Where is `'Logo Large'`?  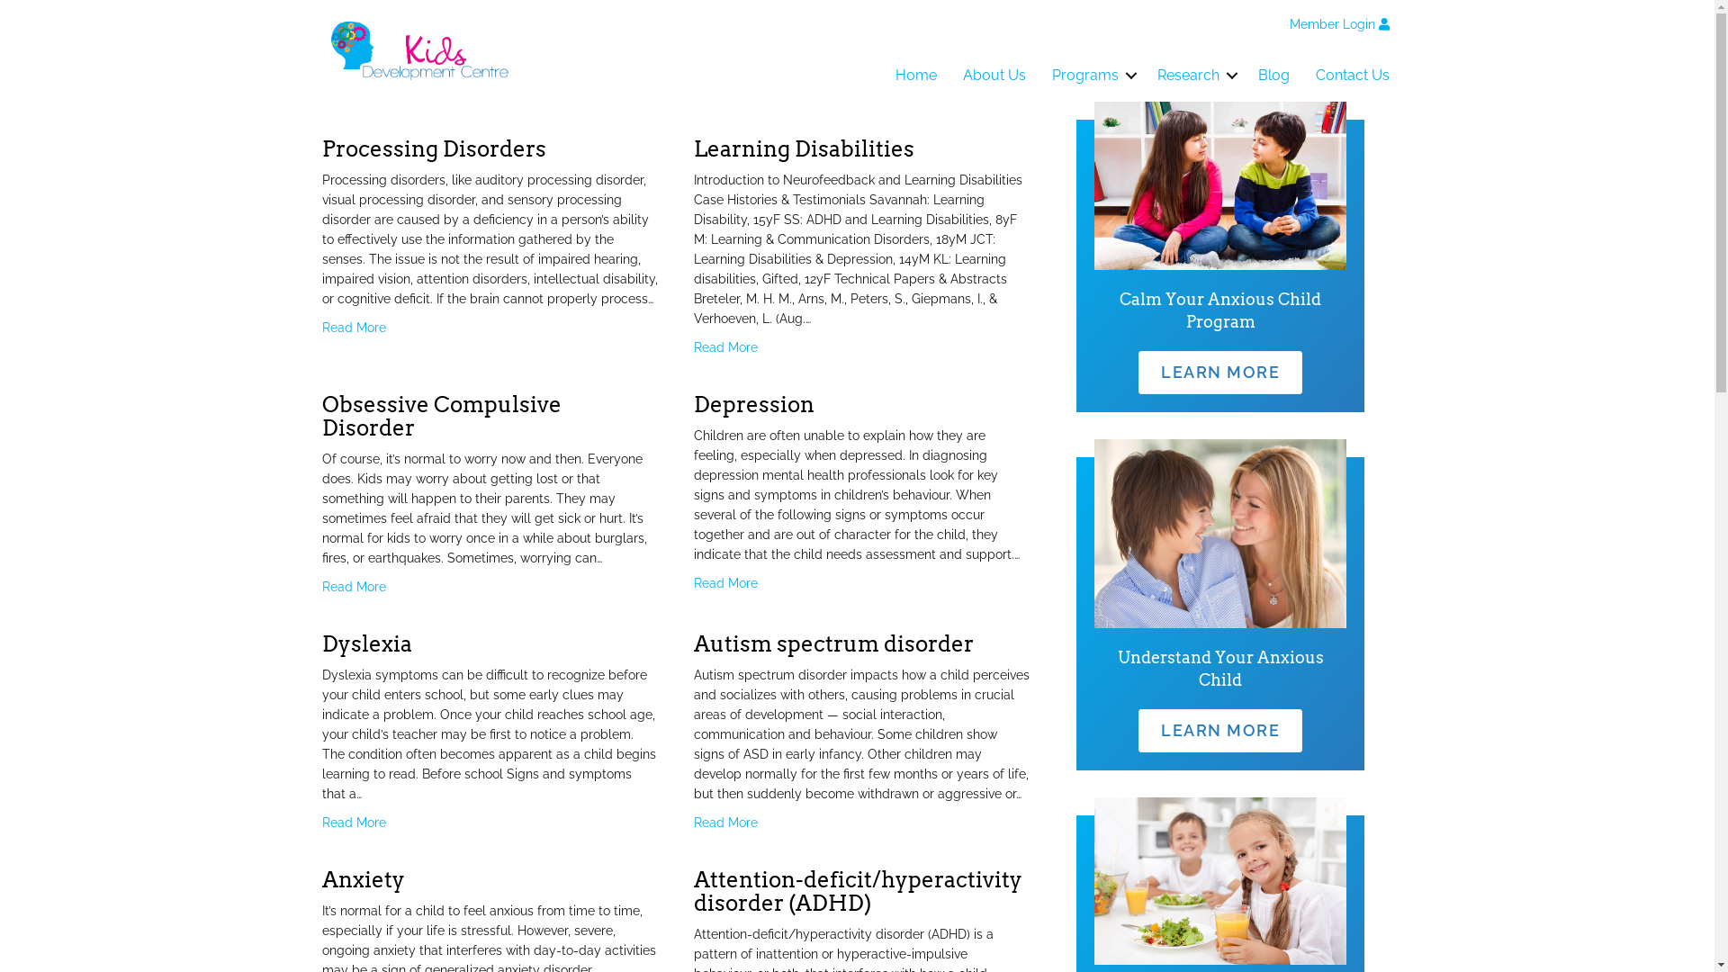
'Logo Large' is located at coordinates (419, 49).